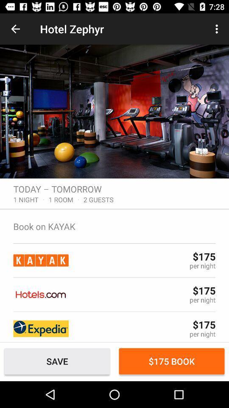 Image resolution: width=229 pixels, height=408 pixels. Describe the element at coordinates (15, 29) in the screenshot. I see `the icon next to the hotel zephyr item` at that location.